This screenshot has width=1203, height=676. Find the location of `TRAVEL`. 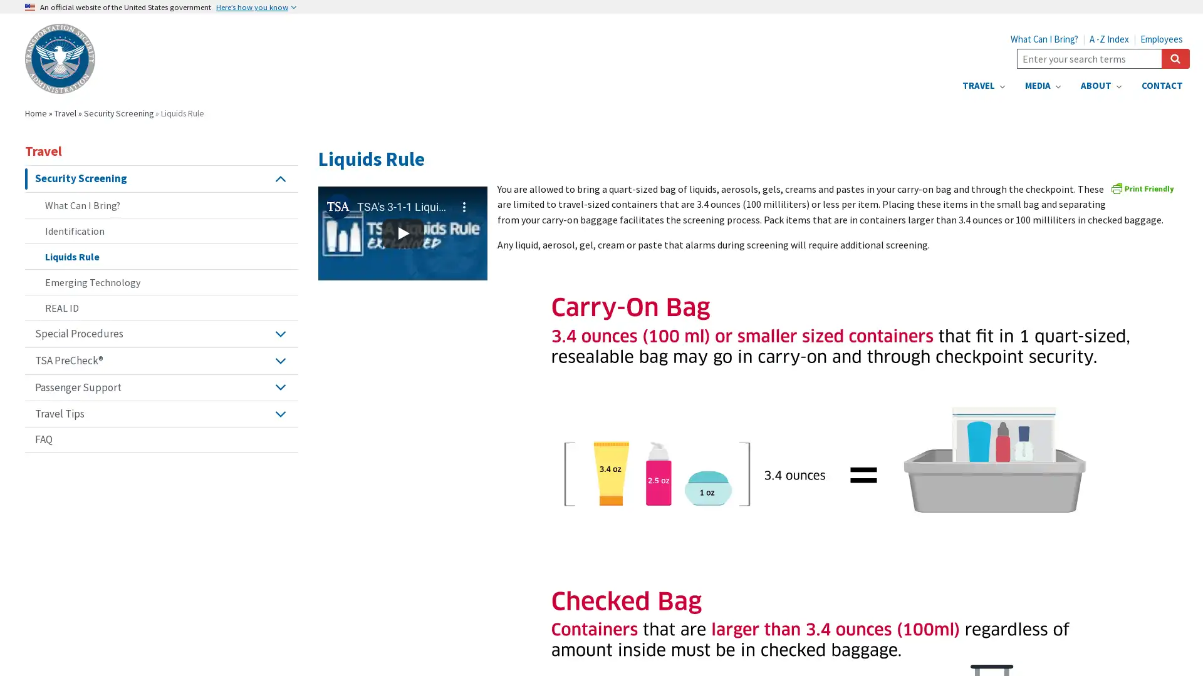

TRAVEL is located at coordinates (982, 85).